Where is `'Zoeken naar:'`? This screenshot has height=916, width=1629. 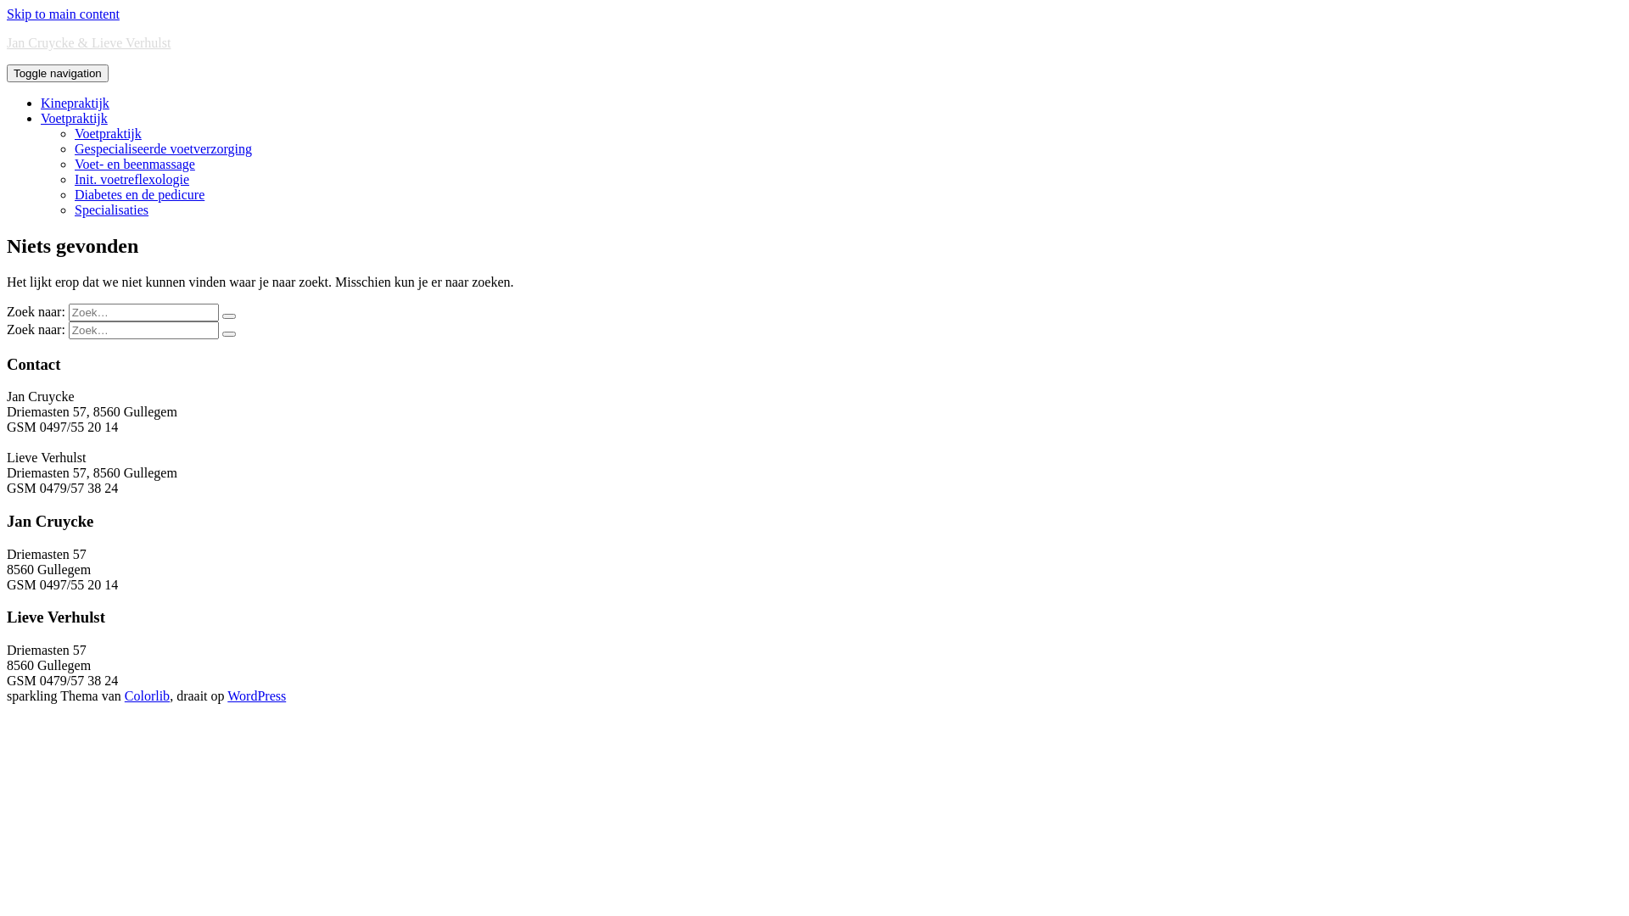
'Zoeken naar:' is located at coordinates (143, 312).